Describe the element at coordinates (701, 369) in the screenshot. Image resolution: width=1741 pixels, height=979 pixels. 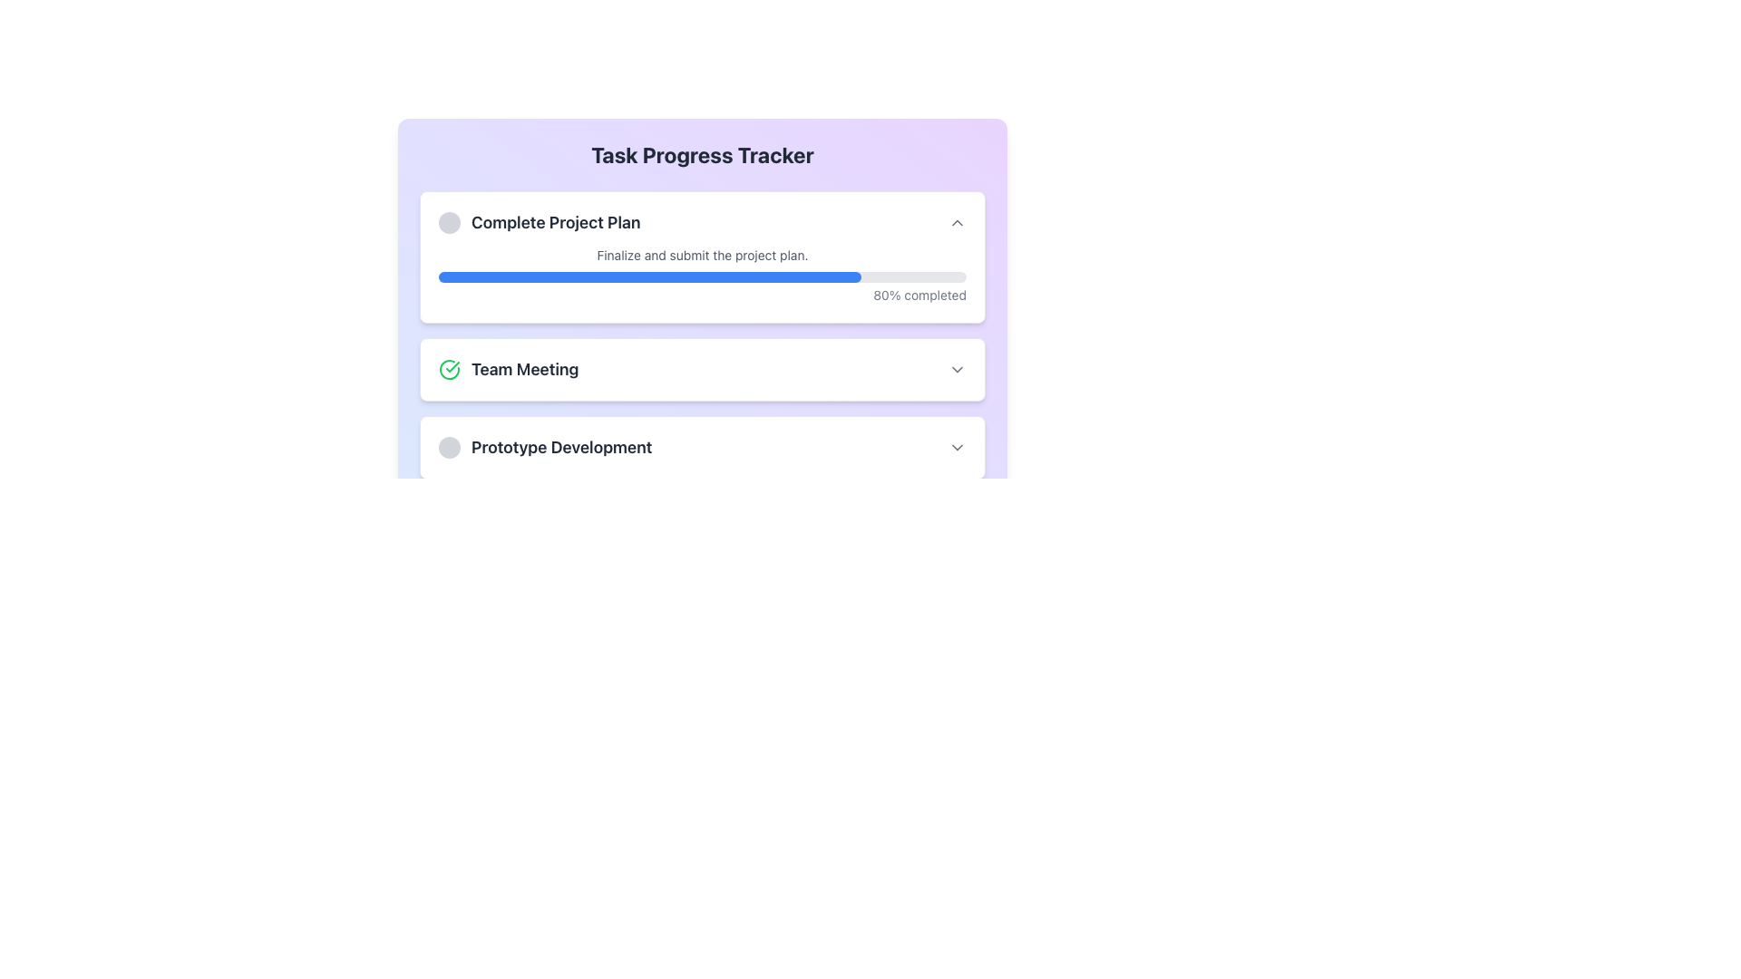
I see `the dropdown of the second task list item in the Task Progress Tracker` at that location.